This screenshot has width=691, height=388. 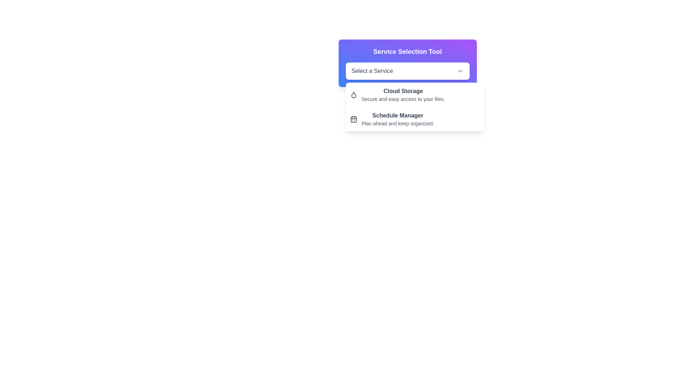 What do you see at coordinates (353, 119) in the screenshot?
I see `the icon representing the 'Schedule Manager' option located to the left of the 'Schedule Manager' text in the dropdown menu` at bounding box center [353, 119].